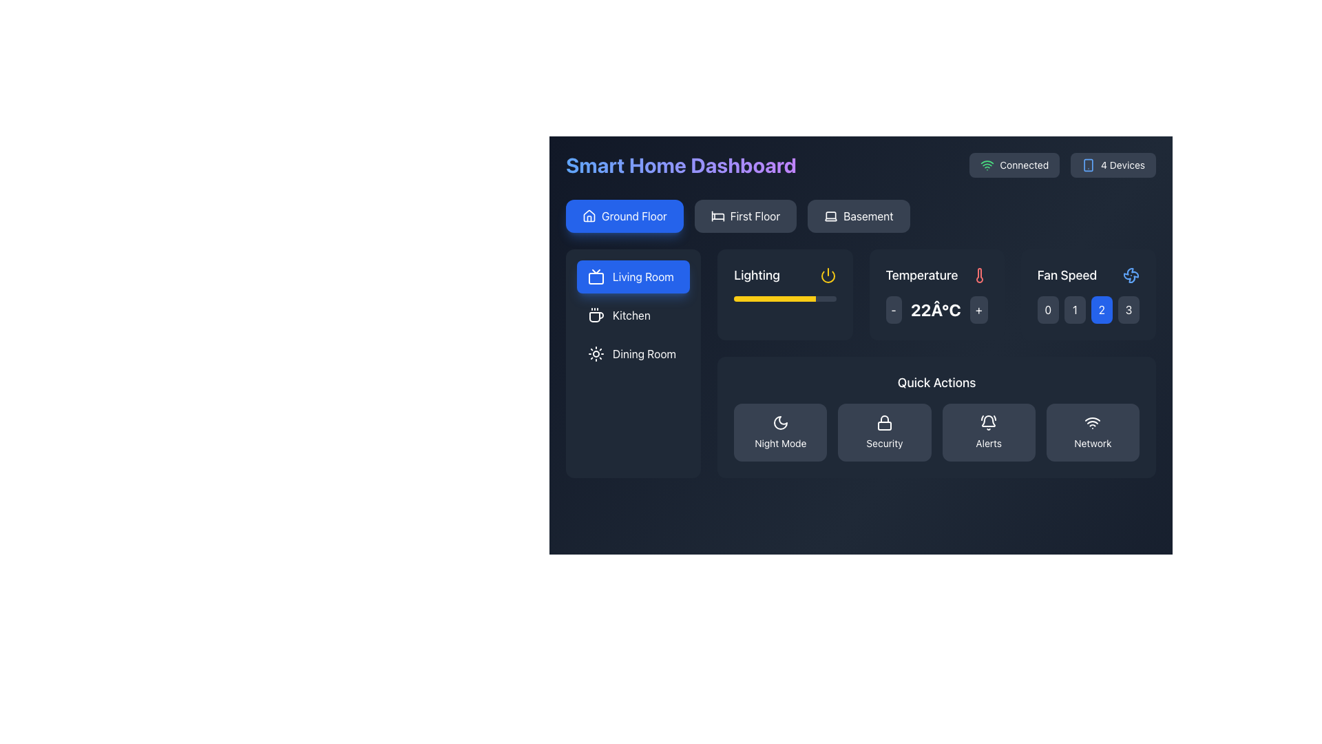  What do you see at coordinates (780, 432) in the screenshot?
I see `the 'Night Mode' button, which is a rectangular button with a dark gray background and rounded corners, containing a crescent moon icon and the text 'Night Mode' below it, to receive a tooltip or highlight response` at bounding box center [780, 432].